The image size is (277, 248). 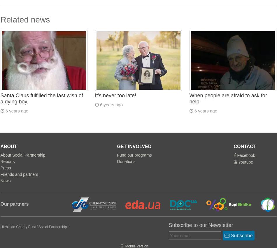 I want to click on 'Subscribe', so click(x=241, y=235).